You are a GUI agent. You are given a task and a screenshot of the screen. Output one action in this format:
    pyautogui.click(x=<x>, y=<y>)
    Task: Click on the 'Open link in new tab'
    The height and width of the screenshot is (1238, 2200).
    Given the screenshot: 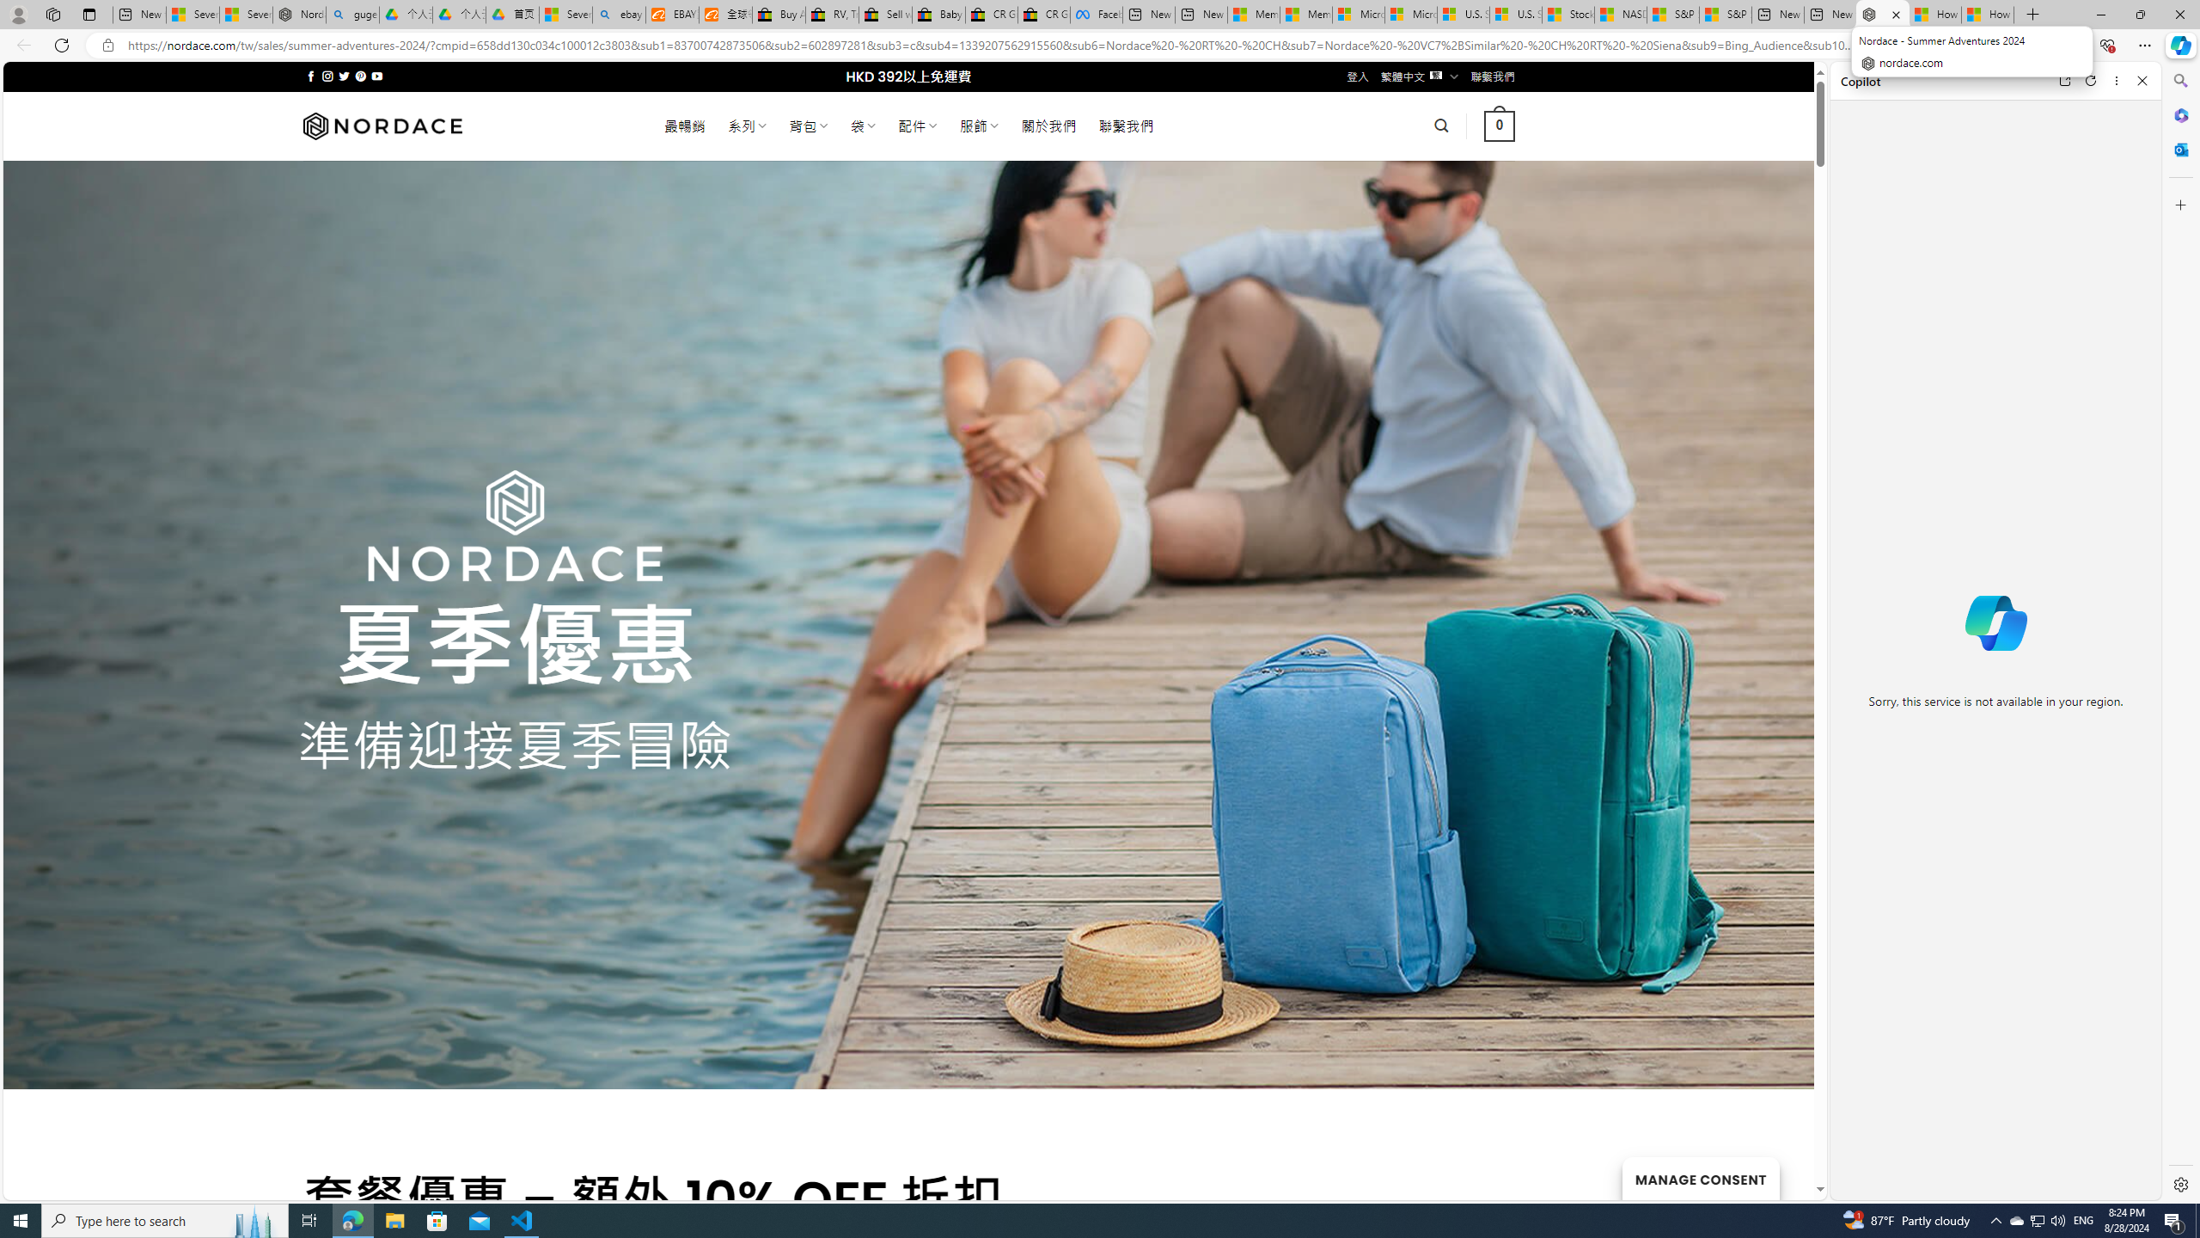 What is the action you would take?
    pyautogui.click(x=2063, y=80)
    